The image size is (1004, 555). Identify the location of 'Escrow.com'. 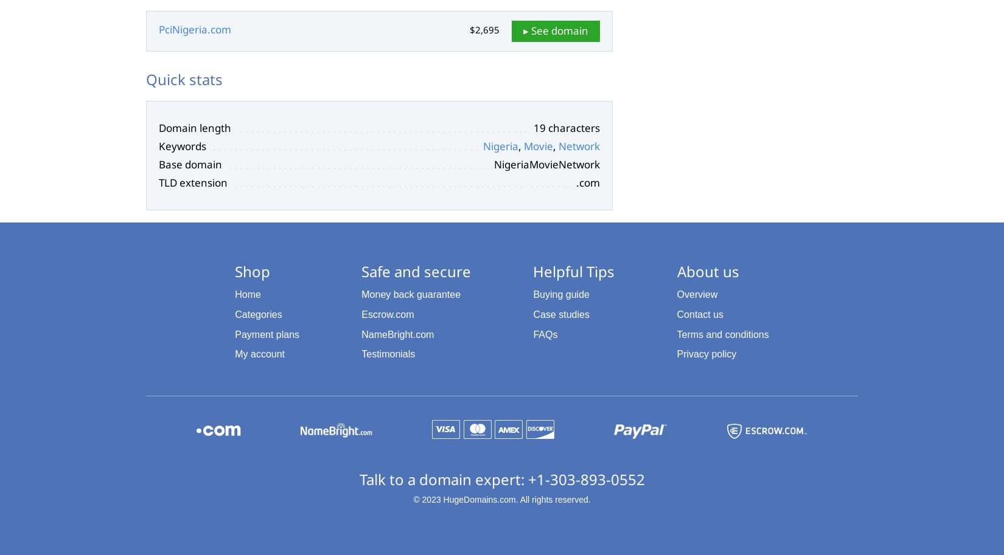
(387, 314).